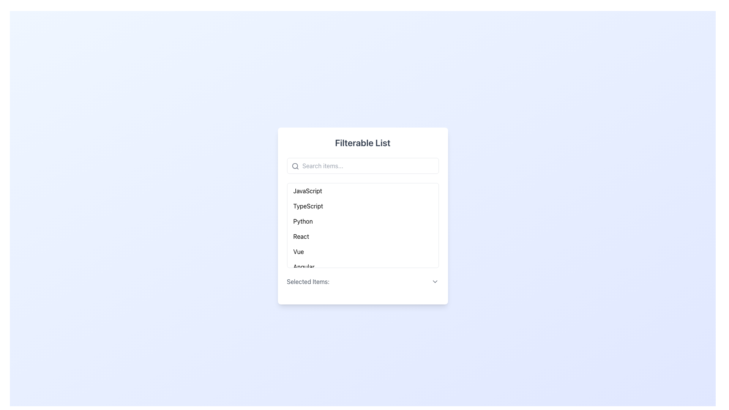  I want to click on to select the 'Python' option in the selectable list item positioned as the third item beneath the 'Filterable List' input field, so click(362, 221).